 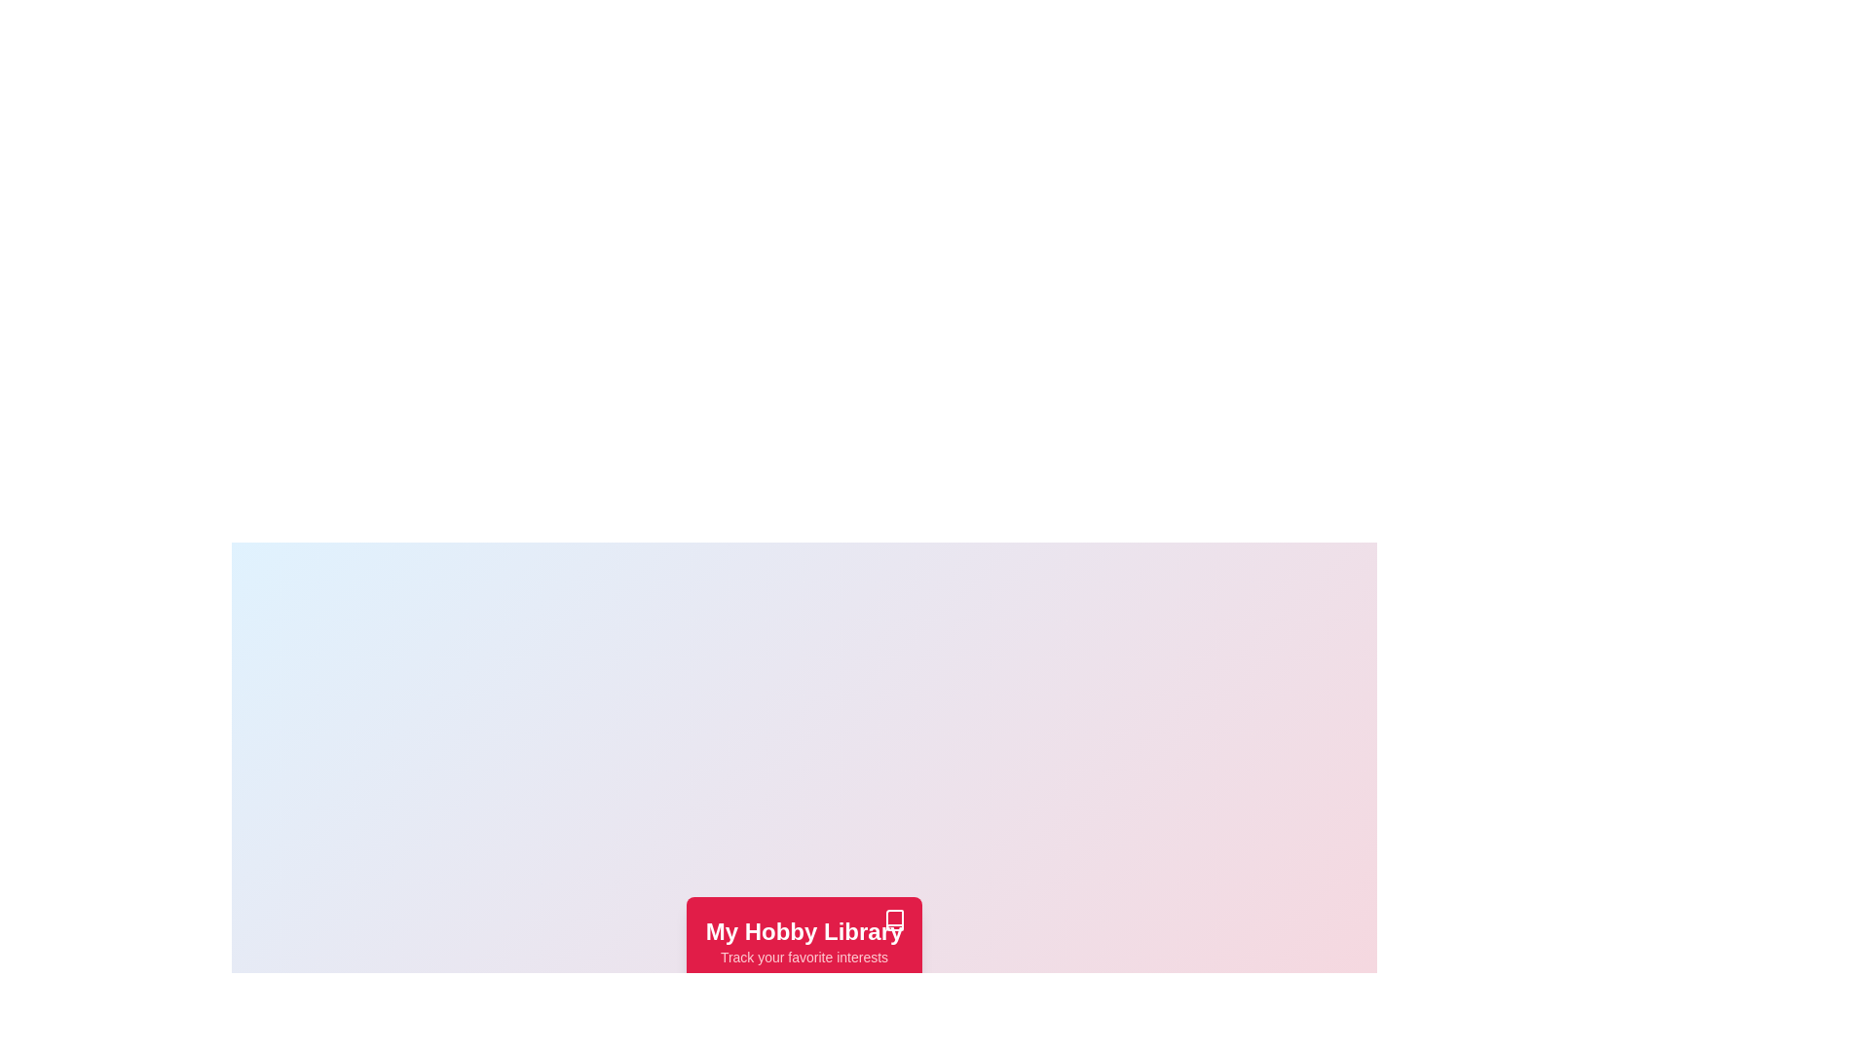 I want to click on the graphical icon resembling a closed book located in the upper-right area of the 'My Hobby Library' button, so click(x=894, y=920).